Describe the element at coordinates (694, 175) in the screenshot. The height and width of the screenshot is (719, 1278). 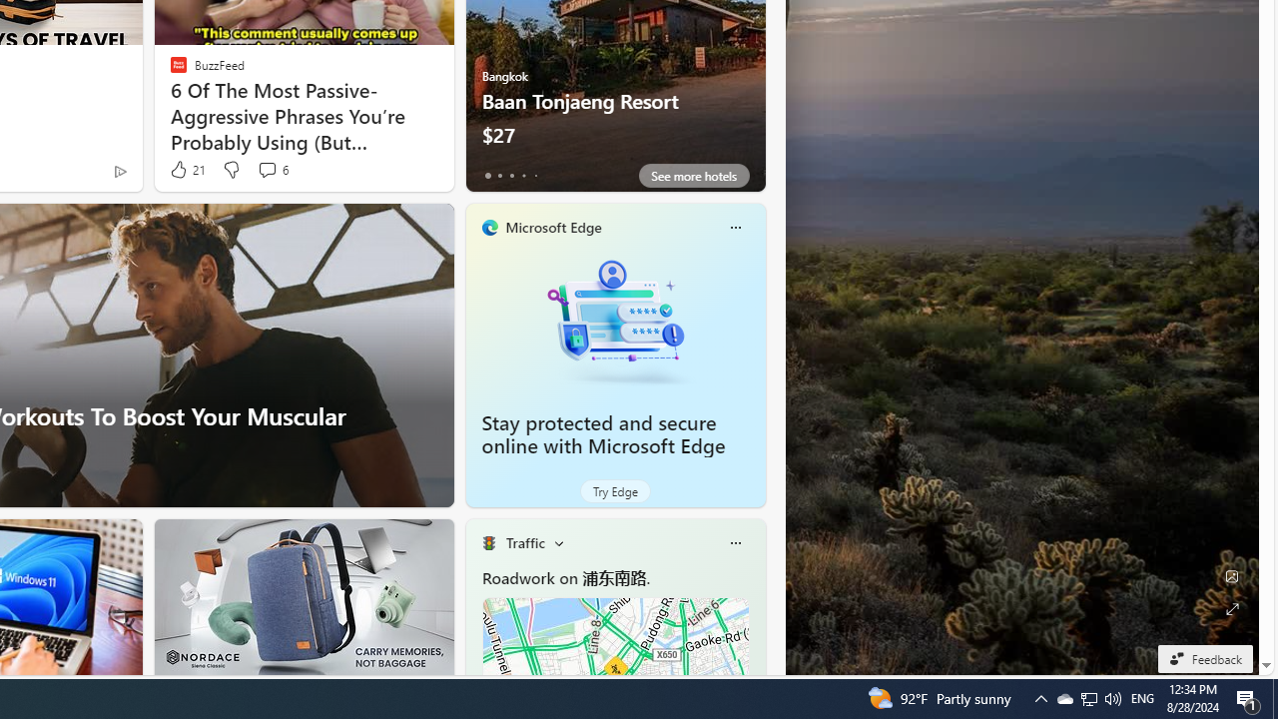
I see `'See more hotels'` at that location.